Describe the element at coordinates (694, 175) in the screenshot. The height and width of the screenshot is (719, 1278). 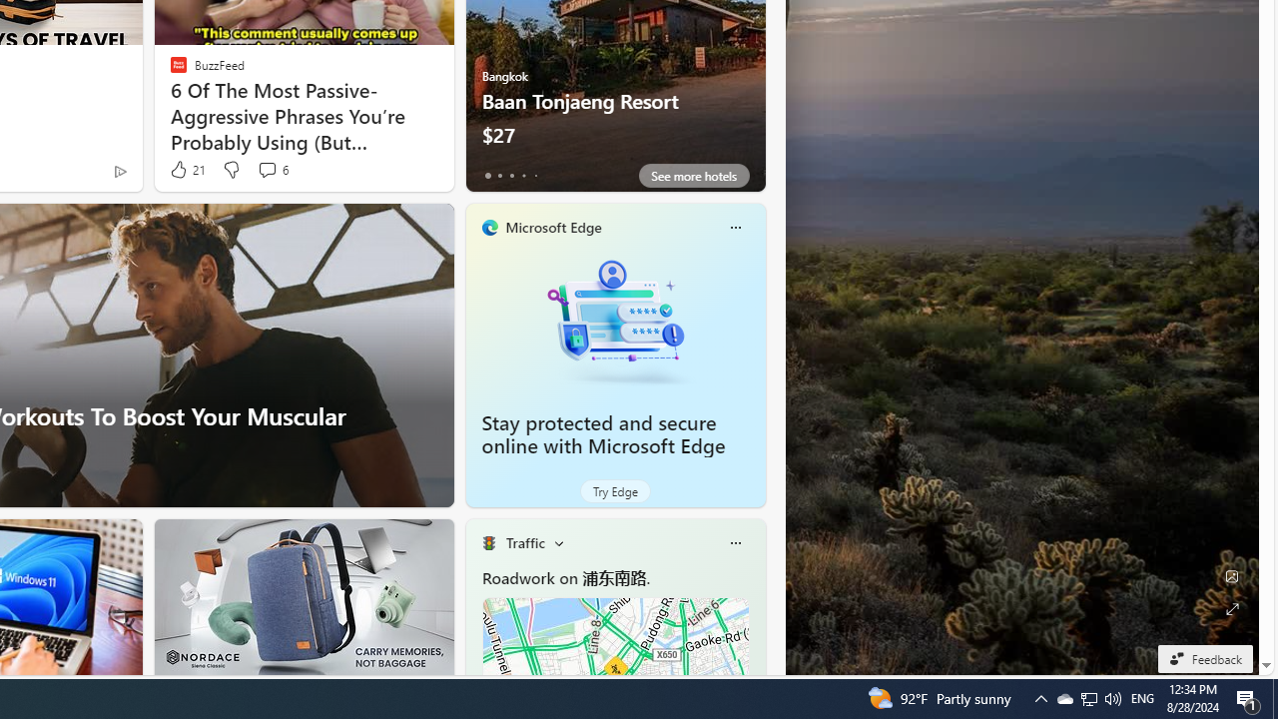
I see `'See more hotels'` at that location.